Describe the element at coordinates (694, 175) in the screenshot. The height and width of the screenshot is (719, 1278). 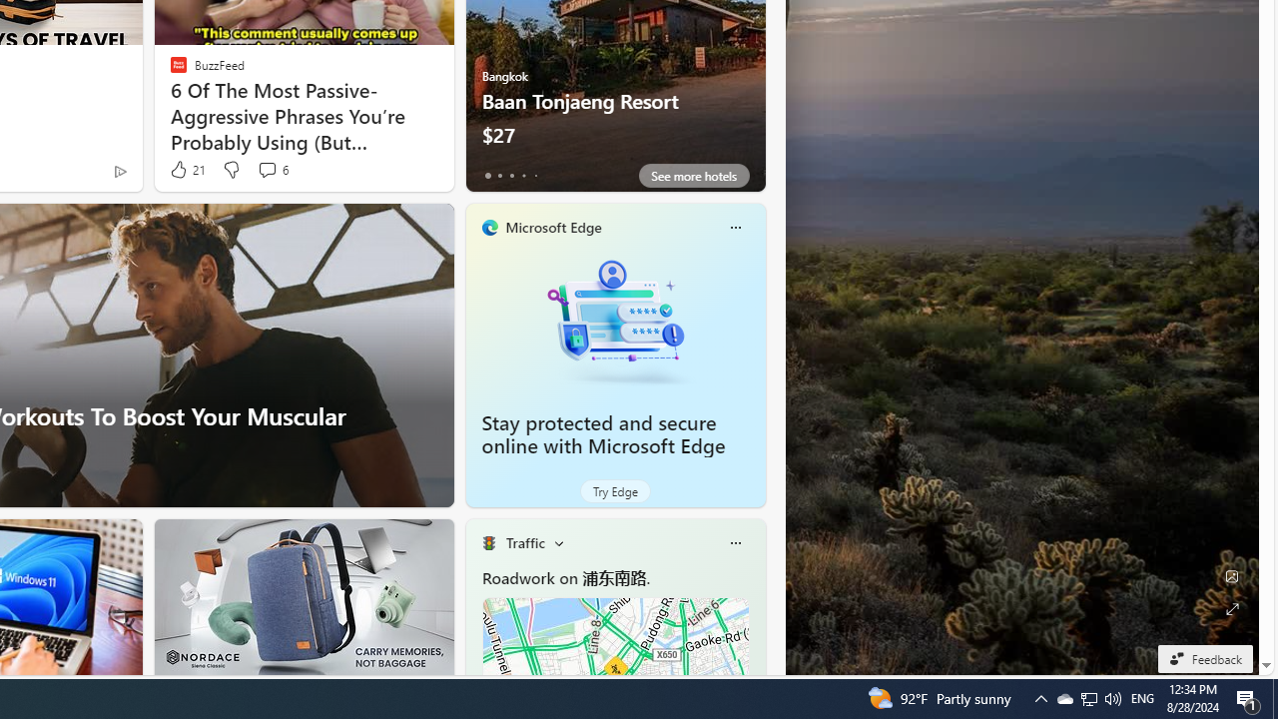
I see `'See more hotels'` at that location.